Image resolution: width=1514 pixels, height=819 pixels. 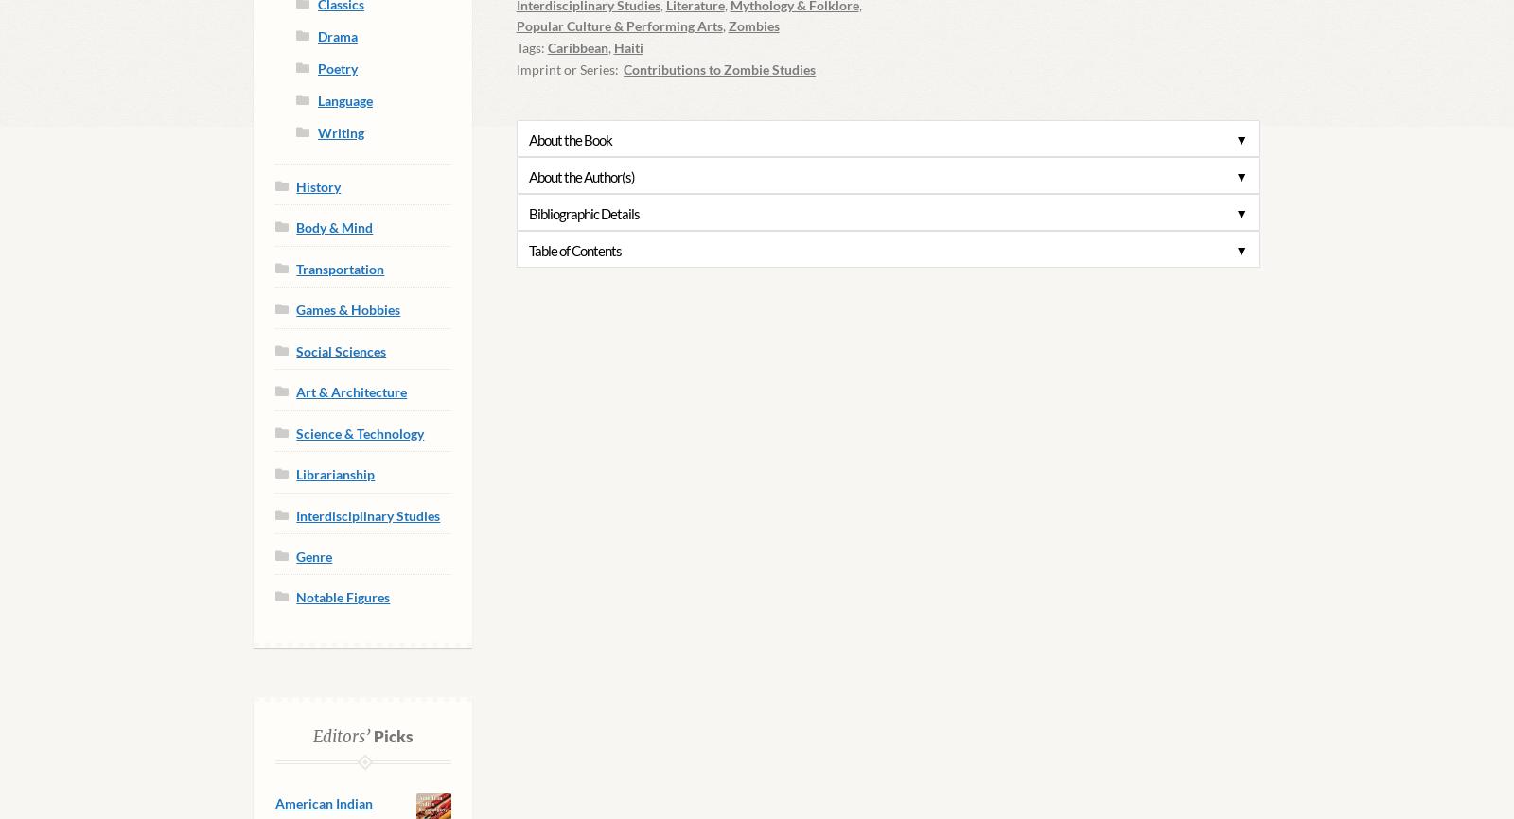 What do you see at coordinates (337, 36) in the screenshot?
I see `'Drama'` at bounding box center [337, 36].